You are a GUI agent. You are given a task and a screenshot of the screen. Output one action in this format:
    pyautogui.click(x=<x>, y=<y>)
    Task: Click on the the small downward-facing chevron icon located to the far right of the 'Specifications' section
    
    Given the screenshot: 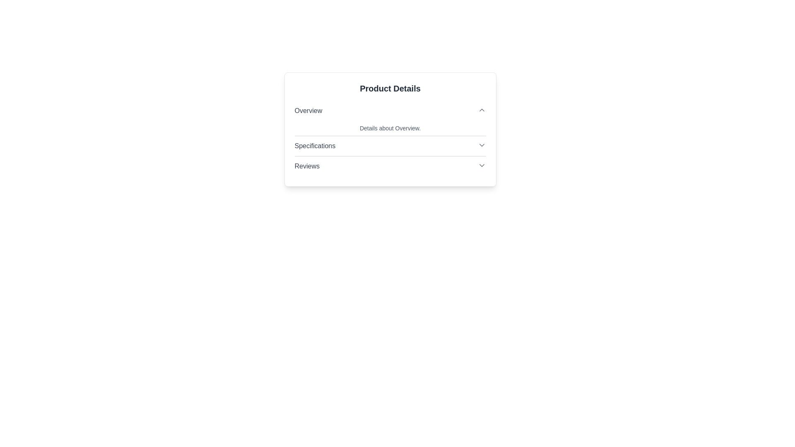 What is the action you would take?
    pyautogui.click(x=482, y=145)
    